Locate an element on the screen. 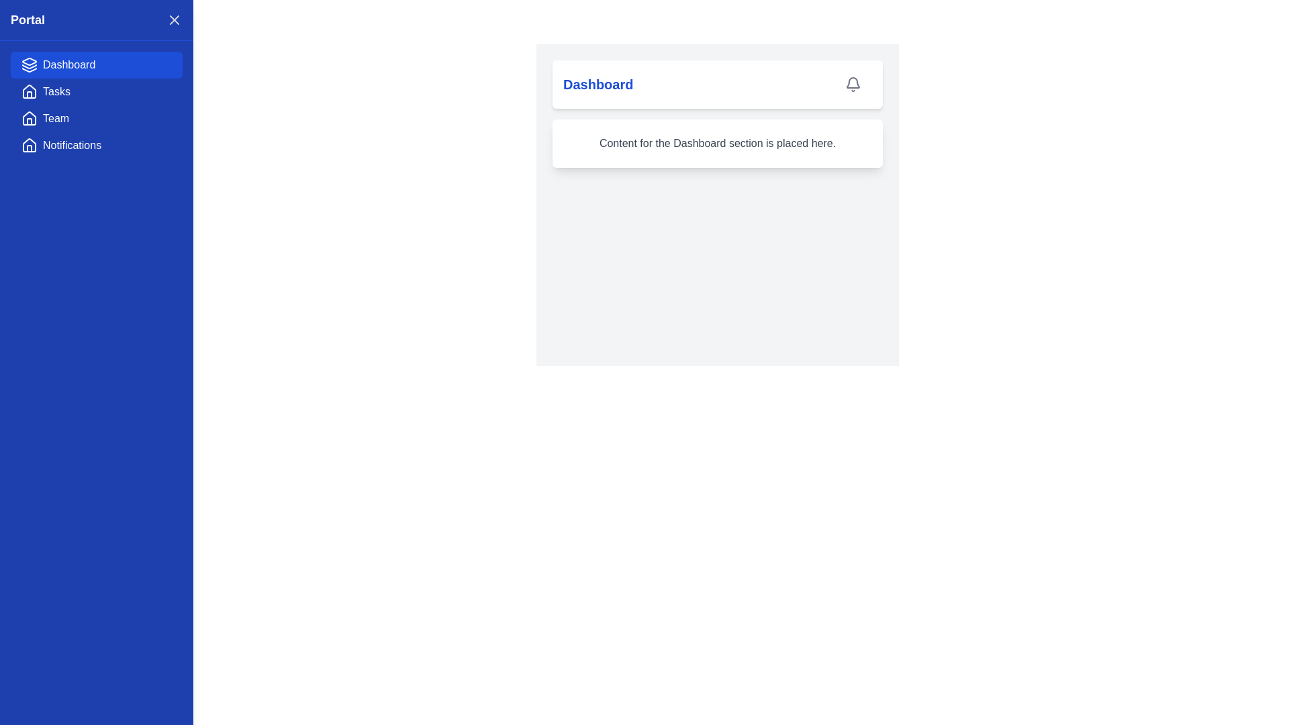 This screenshot has width=1289, height=725. the 'Team' navigation menu item located in the sidebar, which is the third item in the vertical list of menu items is located at coordinates (96, 118).